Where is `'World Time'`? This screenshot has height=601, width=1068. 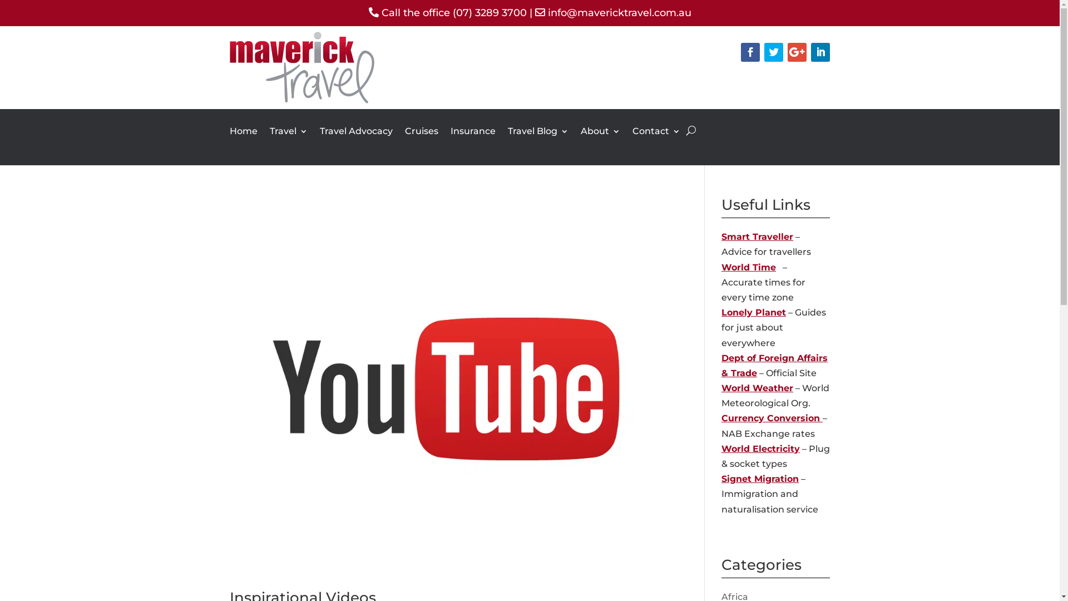 'World Time' is located at coordinates (748, 267).